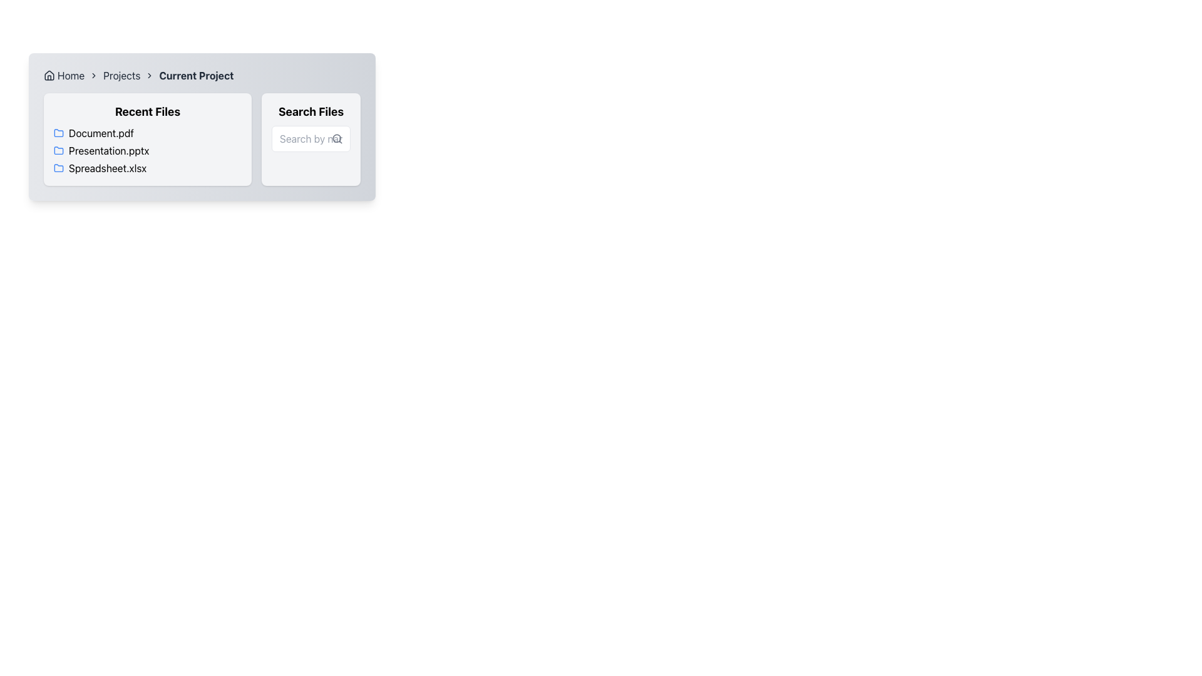 The image size is (1202, 676). What do you see at coordinates (121, 75) in the screenshot?
I see `the 'Projects' link in the breadcrumb navigation` at bounding box center [121, 75].